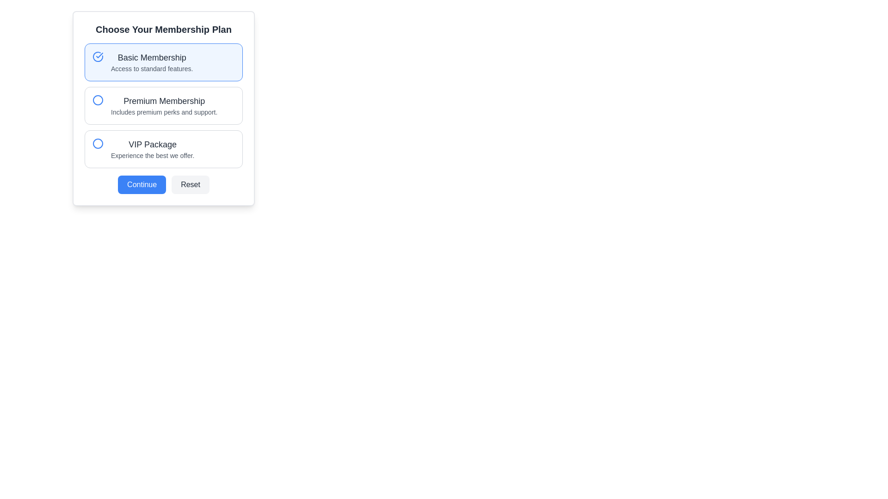  I want to click on the text label displaying 'Access to standard features.' located beneath the title 'Basic Membership' in the membership selection interface, so click(152, 68).